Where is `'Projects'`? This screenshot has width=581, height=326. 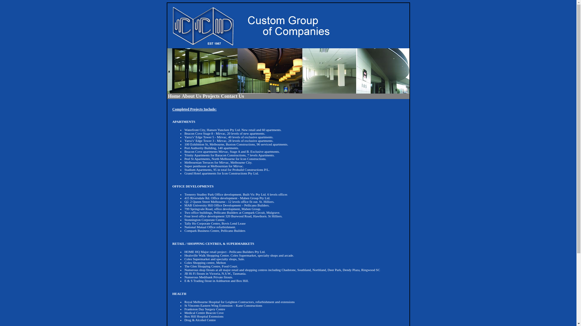 'Projects' is located at coordinates (211, 96).